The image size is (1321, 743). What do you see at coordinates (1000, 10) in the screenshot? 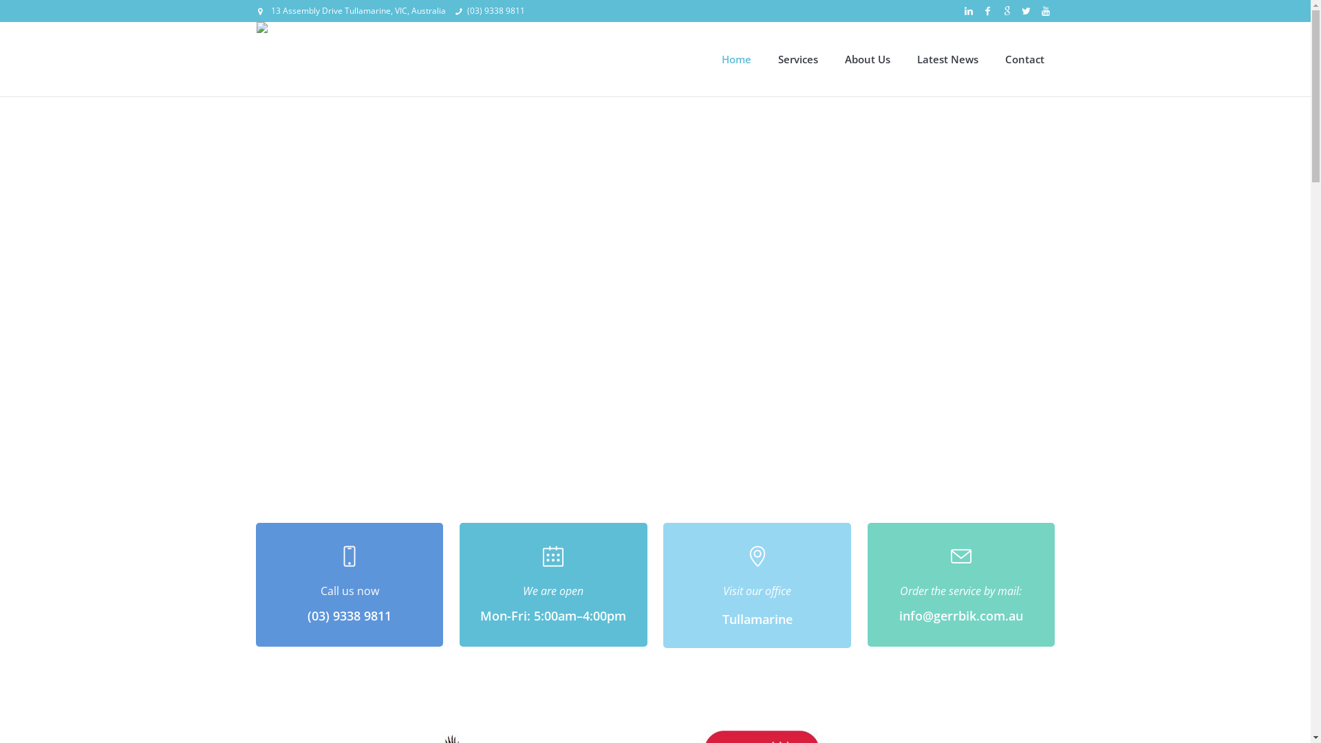
I see `'Google+'` at bounding box center [1000, 10].